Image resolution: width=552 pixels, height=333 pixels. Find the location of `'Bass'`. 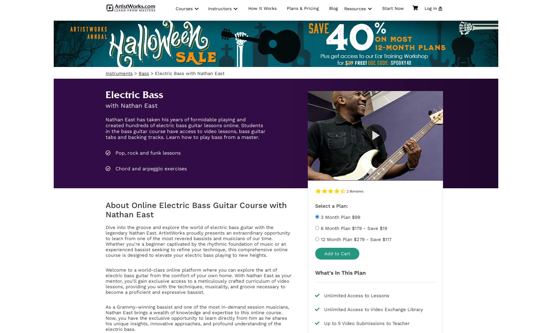

'Bass' is located at coordinates (144, 73).